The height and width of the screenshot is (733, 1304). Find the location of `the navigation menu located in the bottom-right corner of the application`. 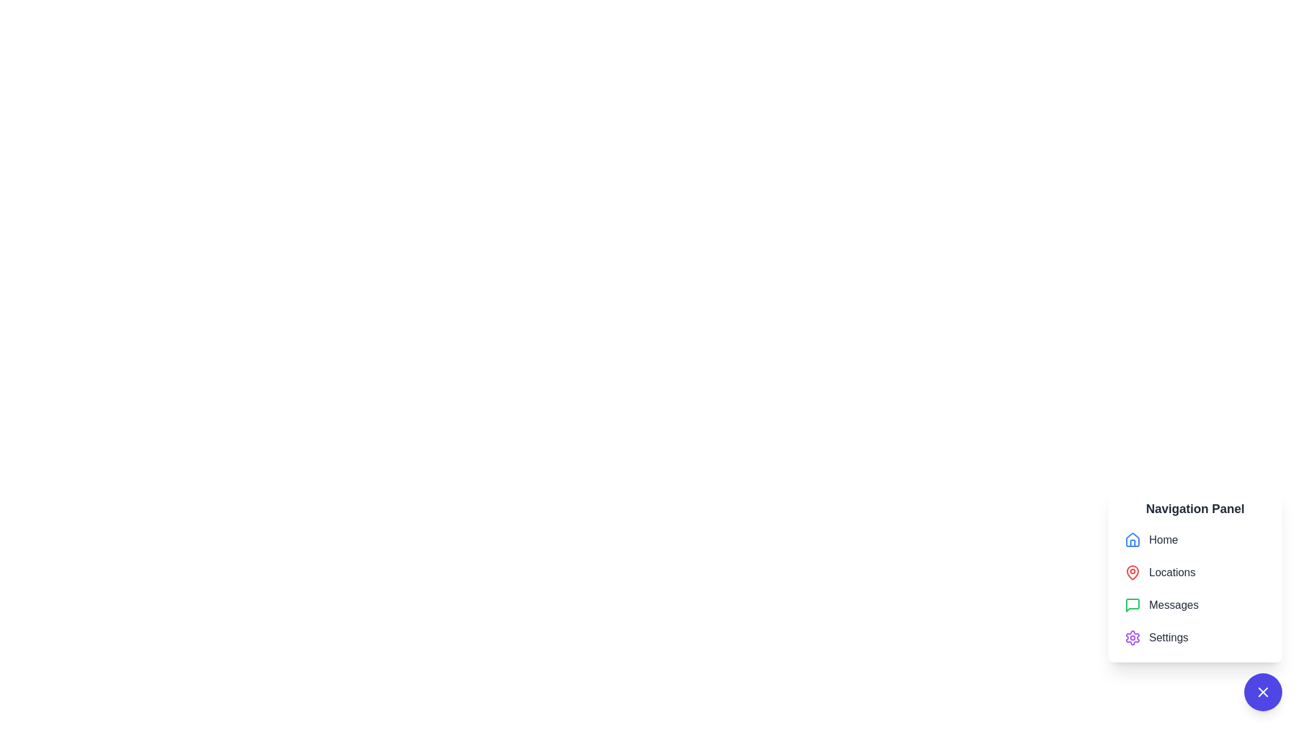

the navigation menu located in the bottom-right corner of the application is located at coordinates (1195, 588).